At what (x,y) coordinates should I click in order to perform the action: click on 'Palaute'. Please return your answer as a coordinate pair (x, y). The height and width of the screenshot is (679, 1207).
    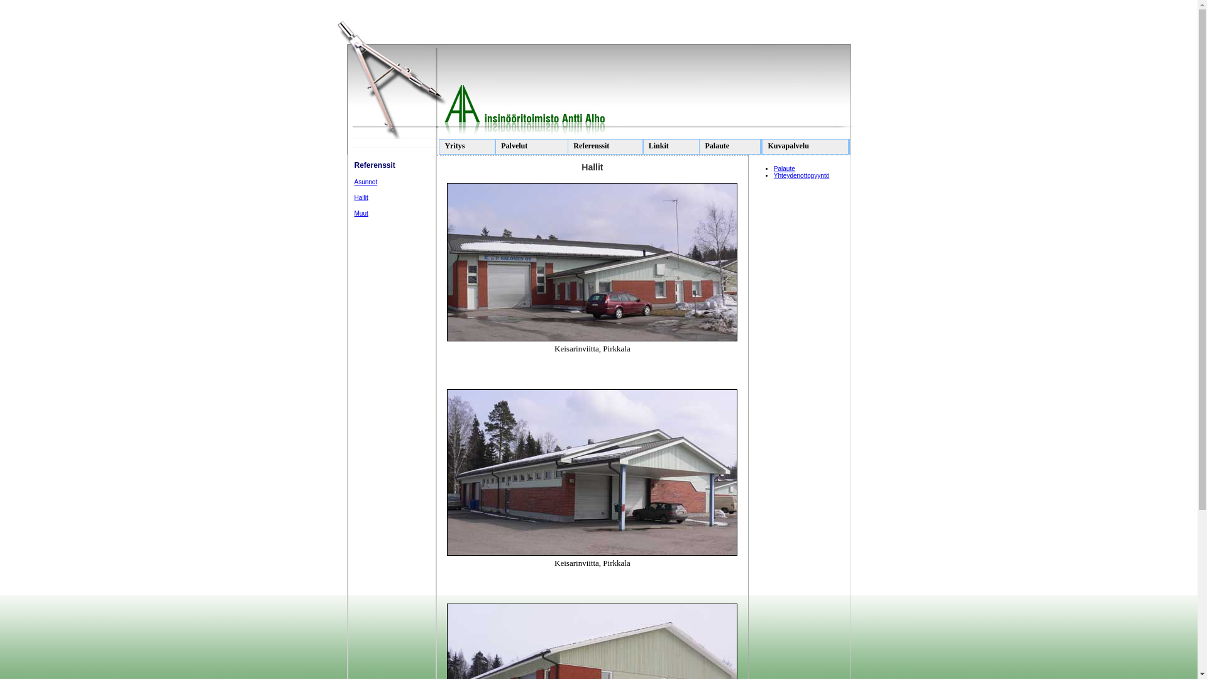
    Looking at the image, I should click on (730, 146).